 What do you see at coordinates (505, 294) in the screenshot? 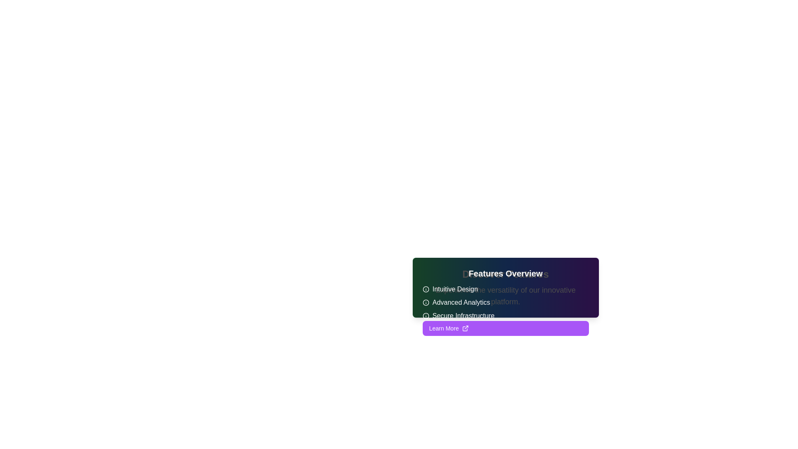
I see `any of the linked features in the 'Features Overview' section, which includes 'Intuitive Design', 'Advanced Analytics', and 'Secure Infrastructure' with descriptive icons` at bounding box center [505, 294].